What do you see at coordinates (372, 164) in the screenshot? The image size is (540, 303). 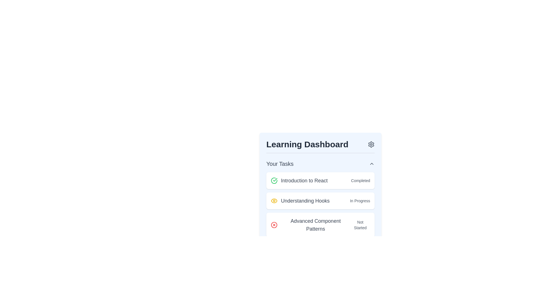 I see `the chevron-up SVG icon located to the right of the 'Your Tasks' text in the header section` at bounding box center [372, 164].